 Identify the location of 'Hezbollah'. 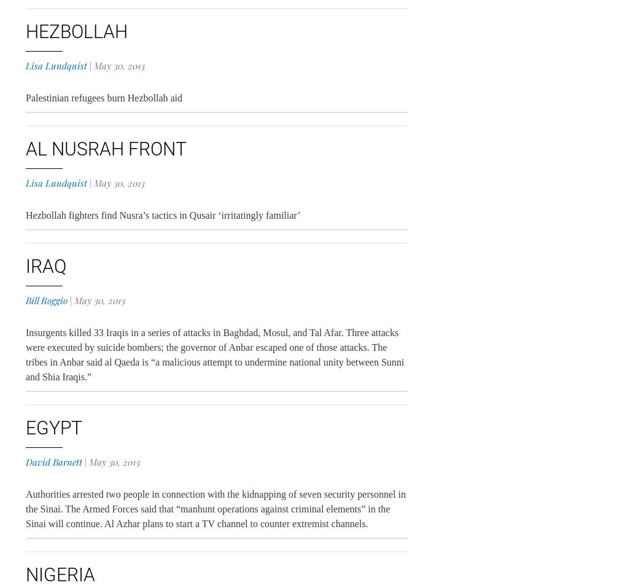
(76, 31).